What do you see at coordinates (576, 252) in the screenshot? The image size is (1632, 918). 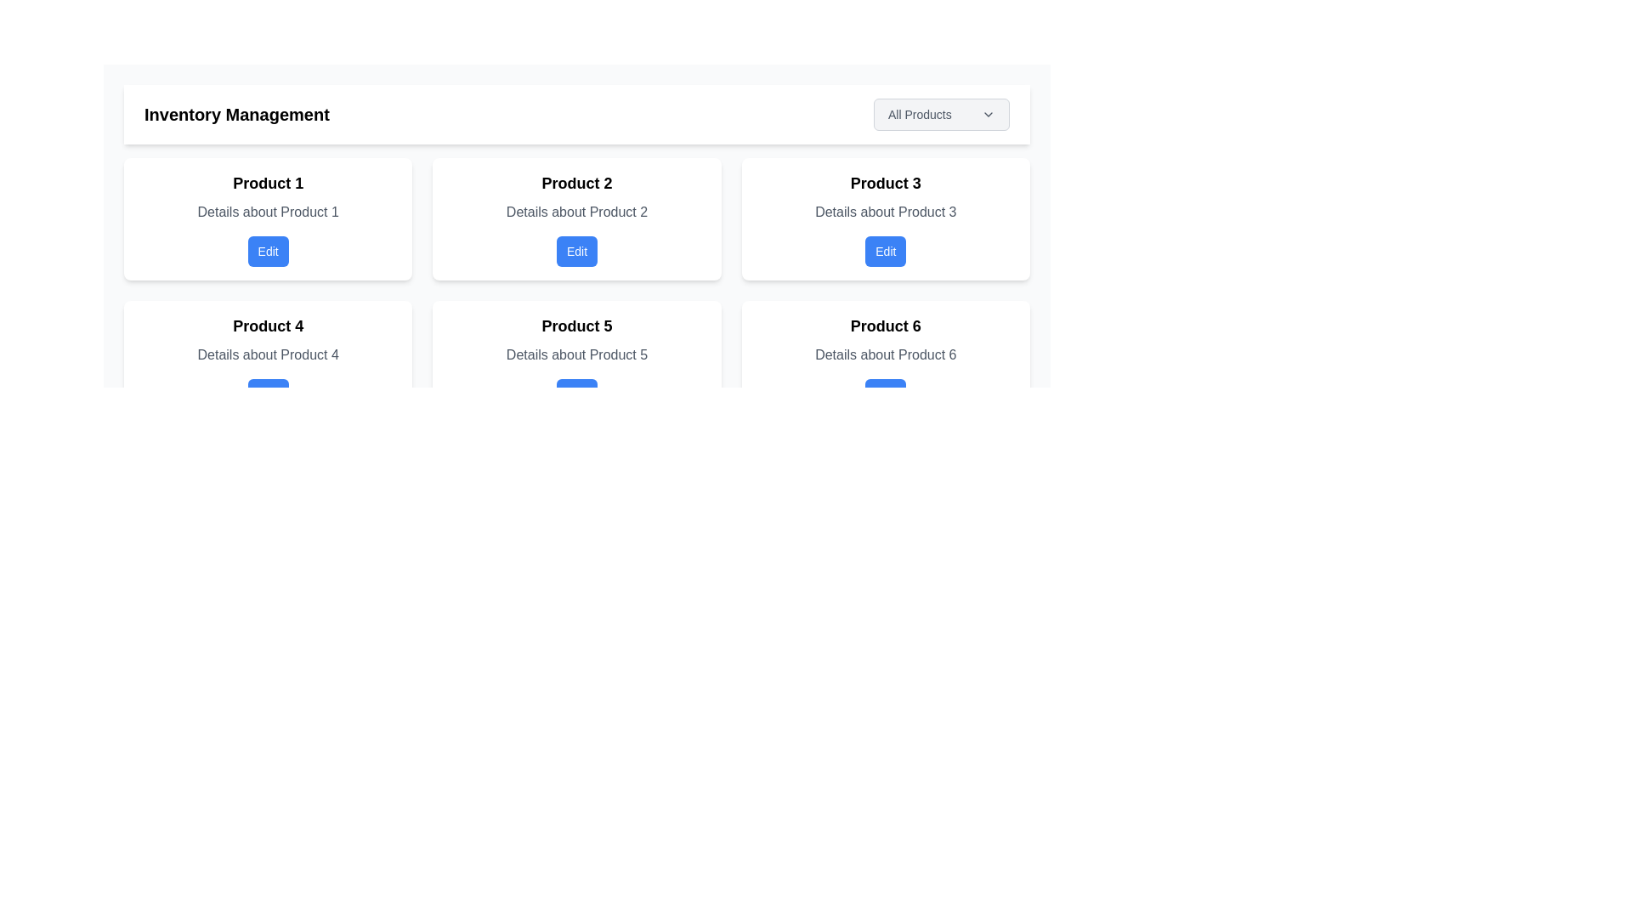 I see `the 'Edit' button, a rectangular button with white text on a blue background, located in the lower section of the 'Product 2' card` at bounding box center [576, 252].